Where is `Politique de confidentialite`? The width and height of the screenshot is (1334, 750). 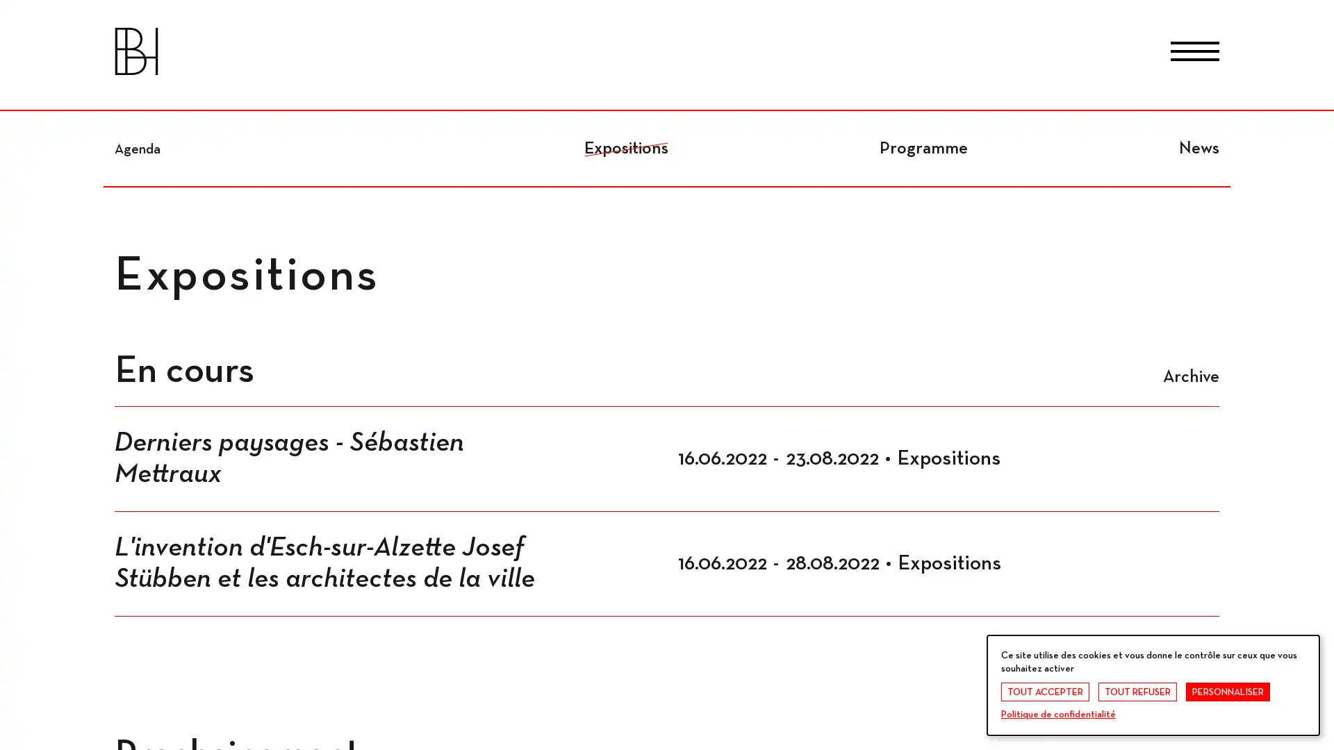 Politique de confidentialite is located at coordinates (1057, 715).